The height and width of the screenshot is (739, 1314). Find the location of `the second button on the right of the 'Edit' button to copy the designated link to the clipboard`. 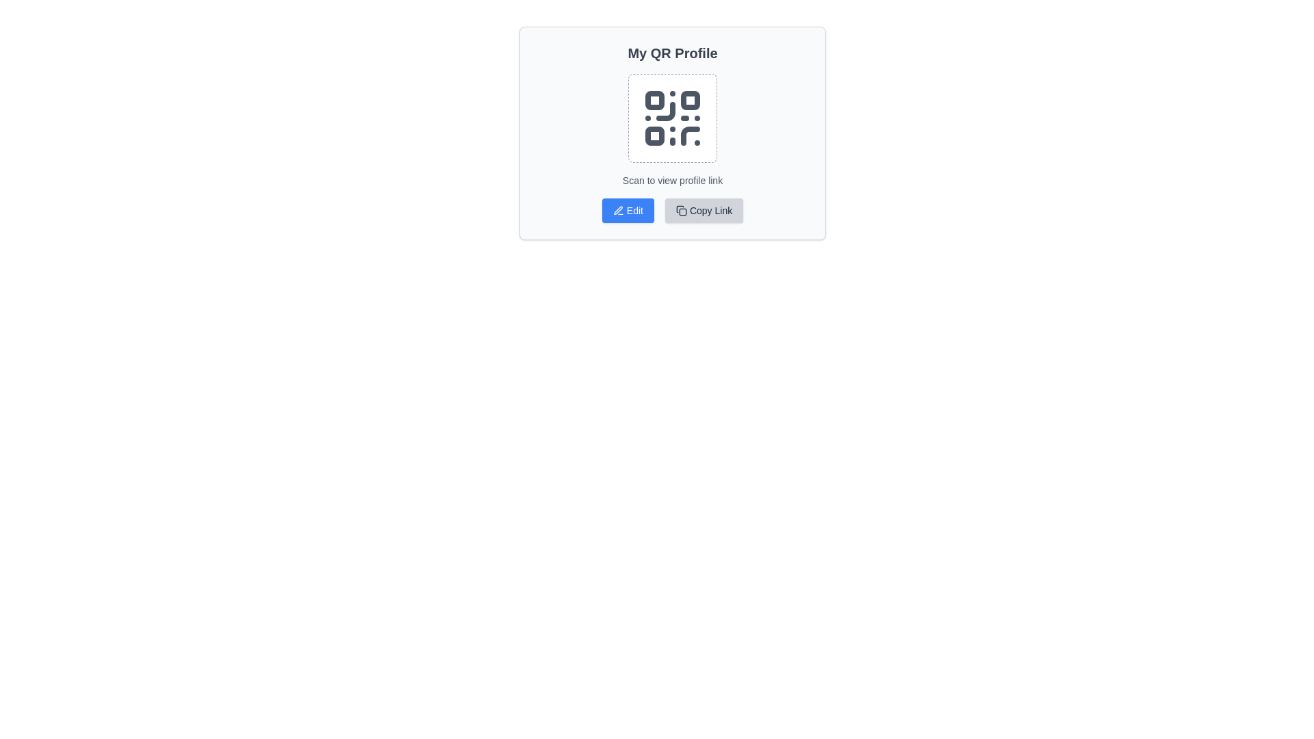

the second button on the right of the 'Edit' button to copy the designated link to the clipboard is located at coordinates (704, 211).